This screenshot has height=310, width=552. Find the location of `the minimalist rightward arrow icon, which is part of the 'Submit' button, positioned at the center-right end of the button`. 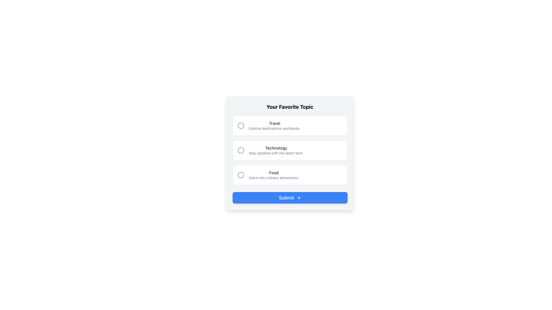

the minimalist rightward arrow icon, which is part of the 'Submit' button, positioned at the center-right end of the button is located at coordinates (298, 197).